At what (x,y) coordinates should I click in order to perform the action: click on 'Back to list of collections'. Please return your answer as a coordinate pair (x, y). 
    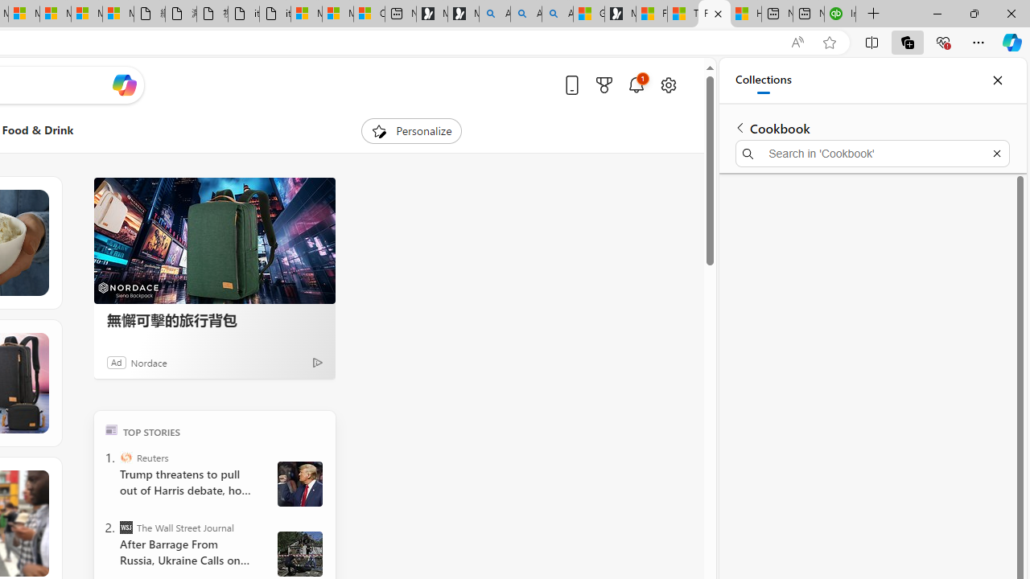
    Looking at the image, I should click on (740, 127).